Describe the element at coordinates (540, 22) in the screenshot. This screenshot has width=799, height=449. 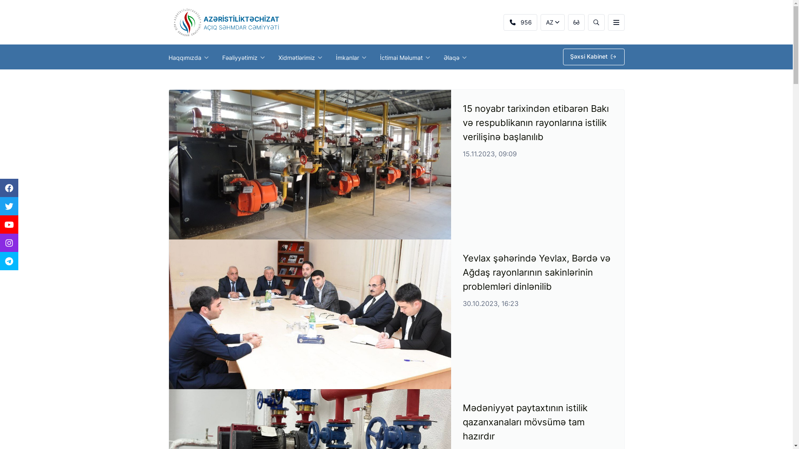
I see `'AZ'` at that location.